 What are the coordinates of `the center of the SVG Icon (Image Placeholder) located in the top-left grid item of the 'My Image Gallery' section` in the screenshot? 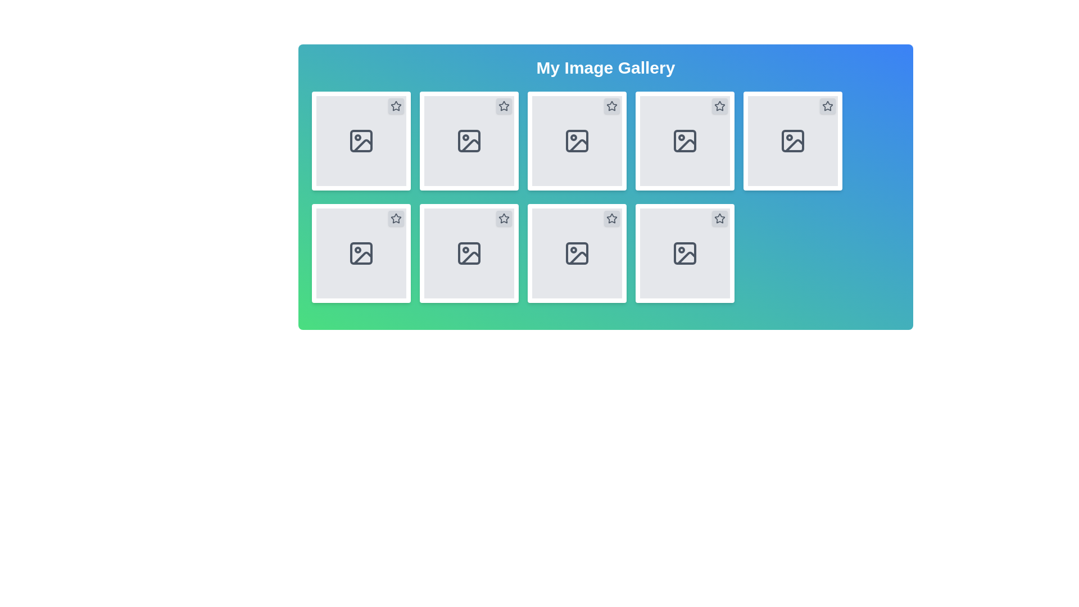 It's located at (361, 140).